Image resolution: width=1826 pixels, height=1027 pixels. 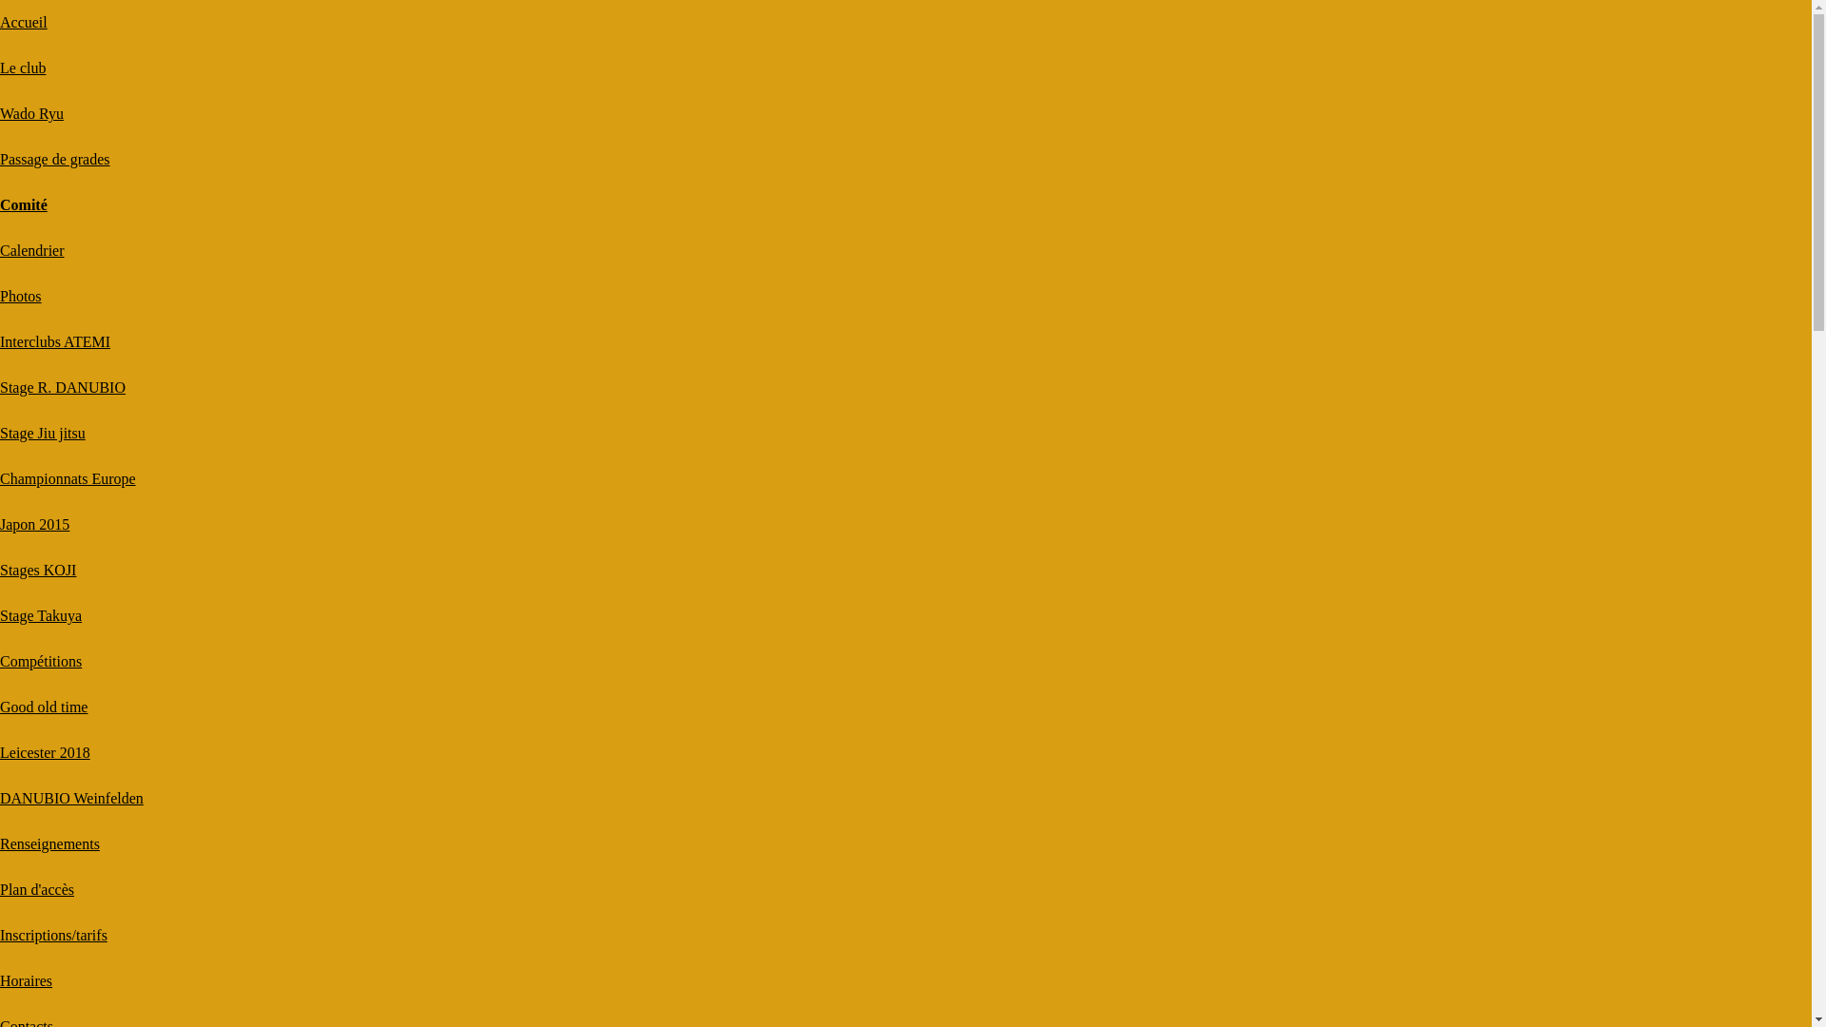 What do you see at coordinates (53, 934) in the screenshot?
I see `'Inscriptions/tarifs'` at bounding box center [53, 934].